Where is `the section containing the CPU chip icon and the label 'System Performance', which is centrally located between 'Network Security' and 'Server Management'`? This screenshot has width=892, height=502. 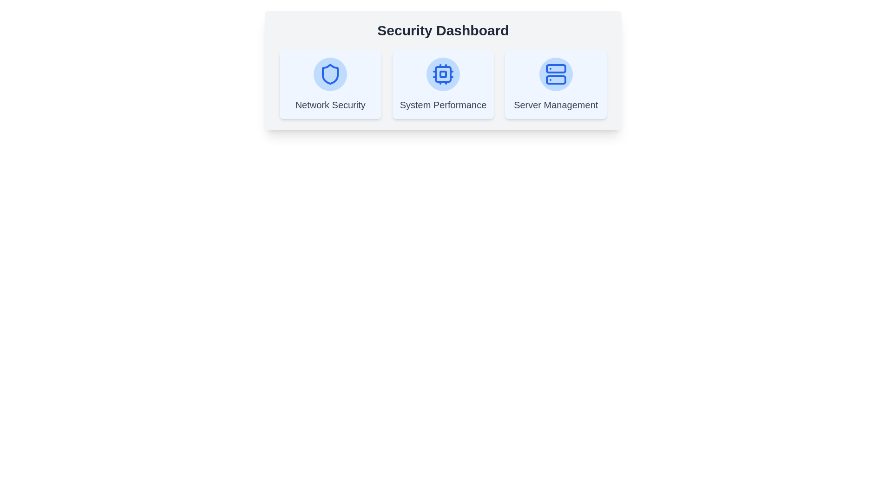 the section containing the CPU chip icon and the label 'System Performance', which is centrally located between 'Network Security' and 'Server Management' is located at coordinates (443, 84).